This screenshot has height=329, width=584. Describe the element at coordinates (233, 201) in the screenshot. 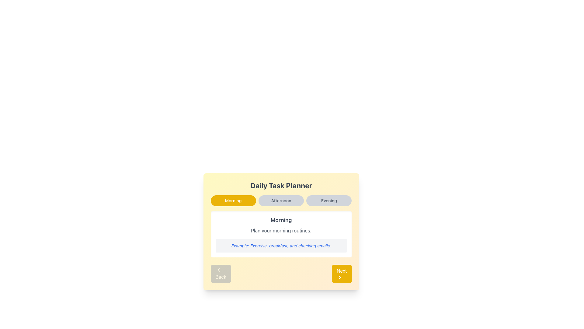

I see `the 'Morning' button, which has a yellow background and rounded corners` at that location.